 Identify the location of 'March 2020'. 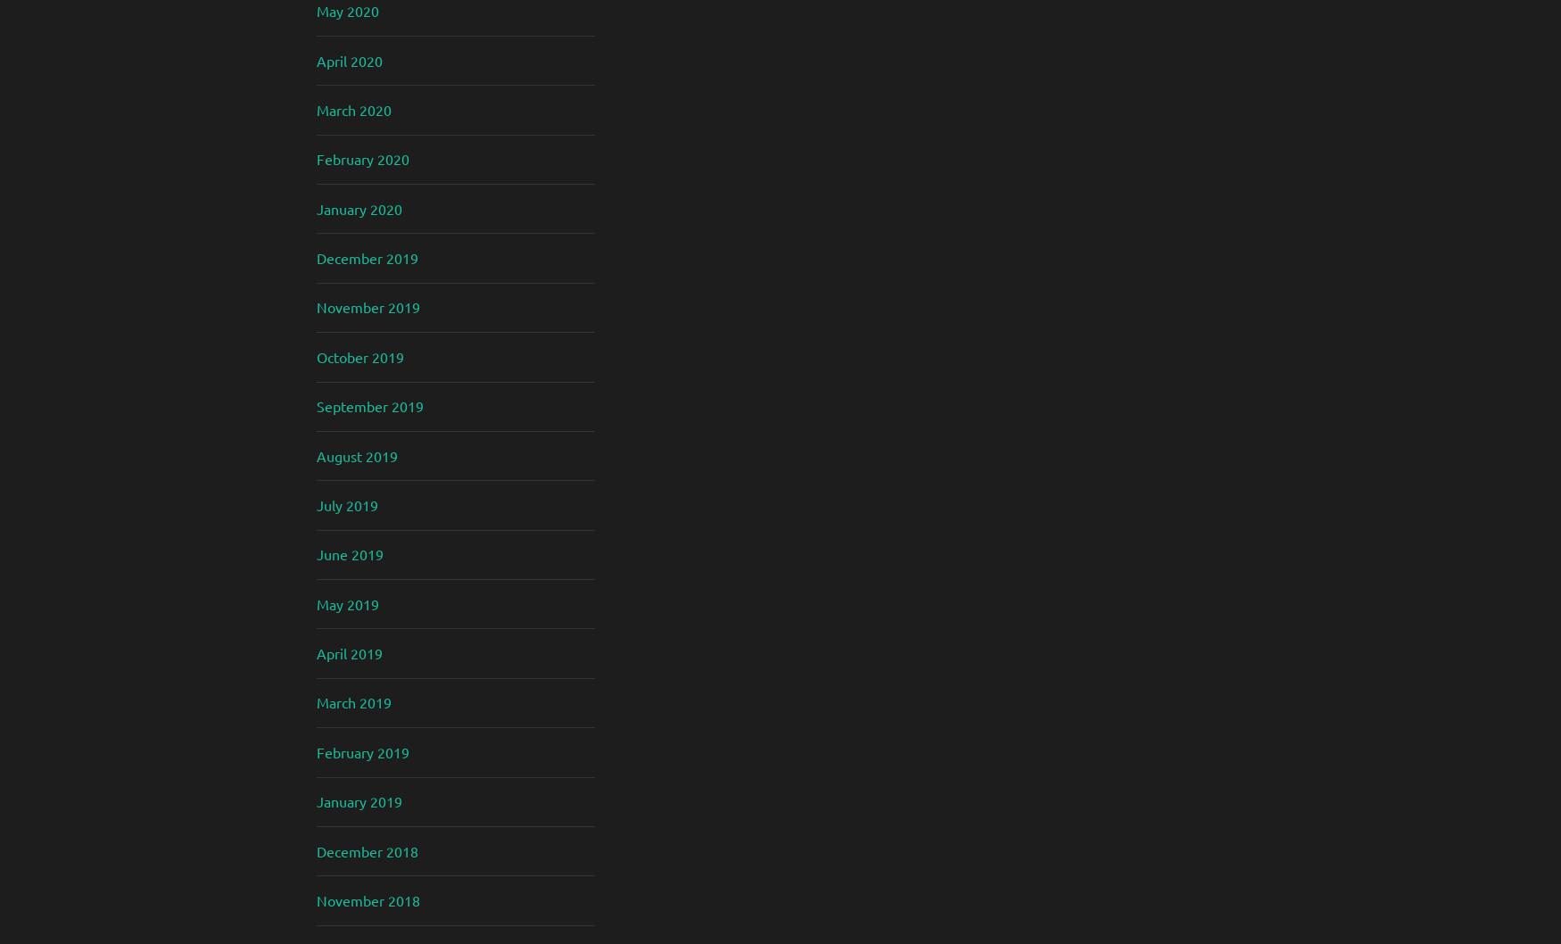
(353, 107).